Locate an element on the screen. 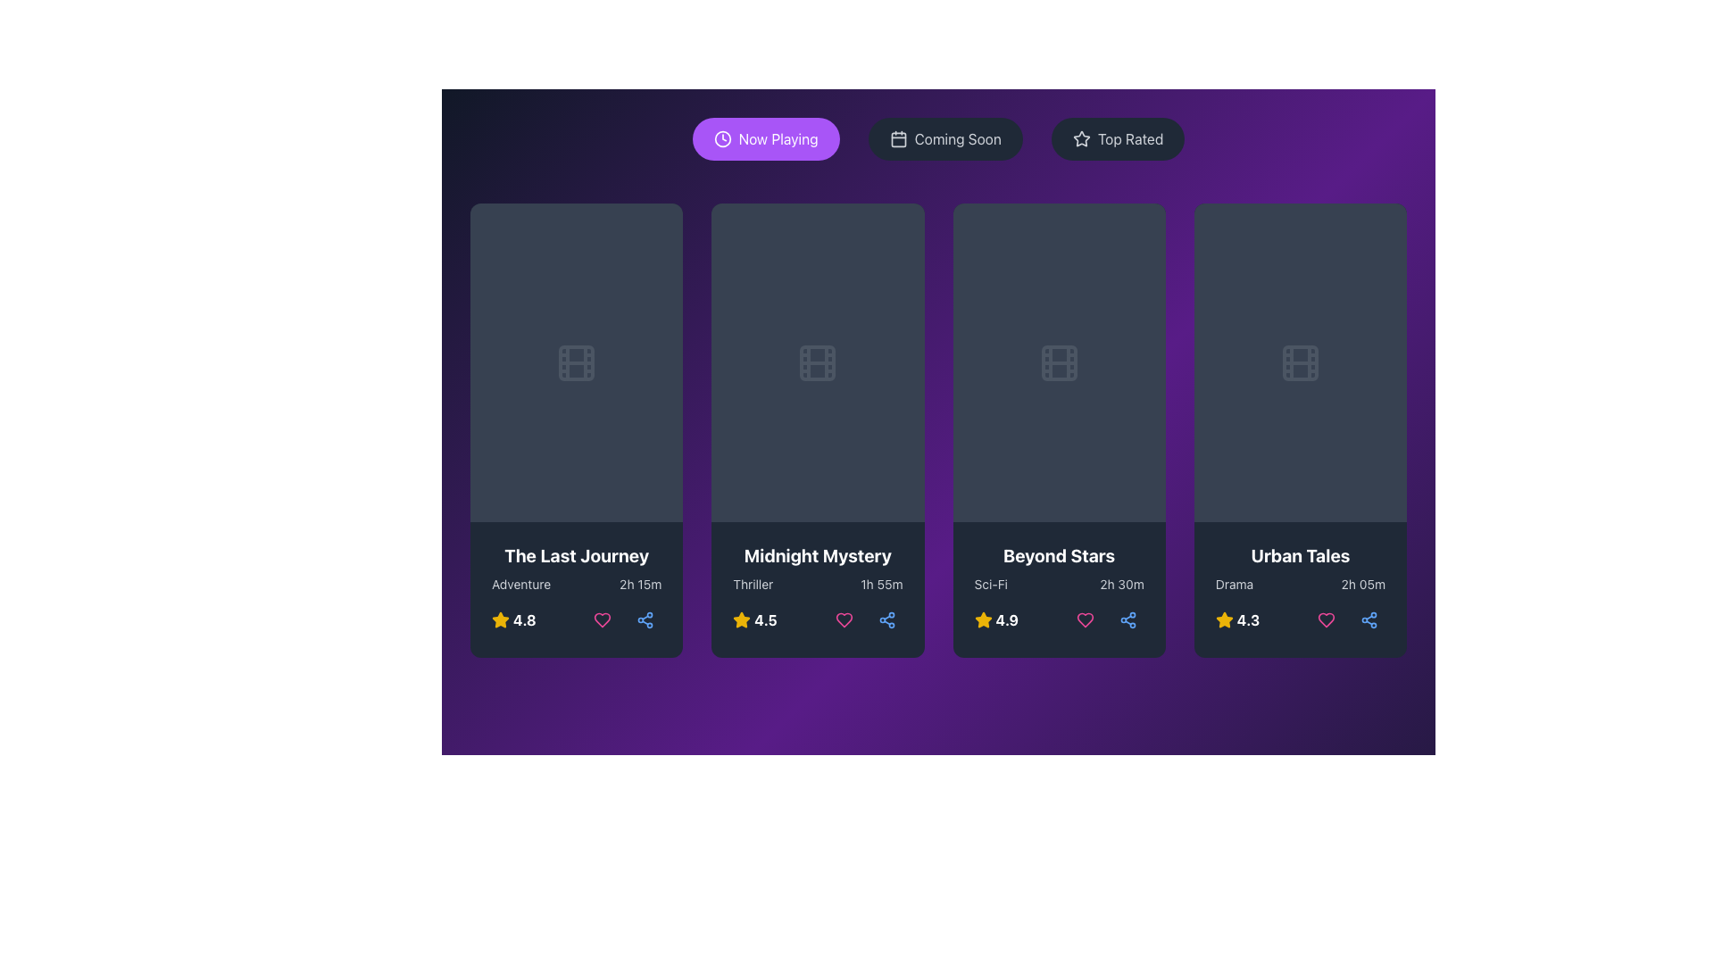  duration information displayed on the static text label for the movie 'Midnight Mystery', located at the bottom portion of its movie card next to the 'Thriller' genre text is located at coordinates (881, 585).